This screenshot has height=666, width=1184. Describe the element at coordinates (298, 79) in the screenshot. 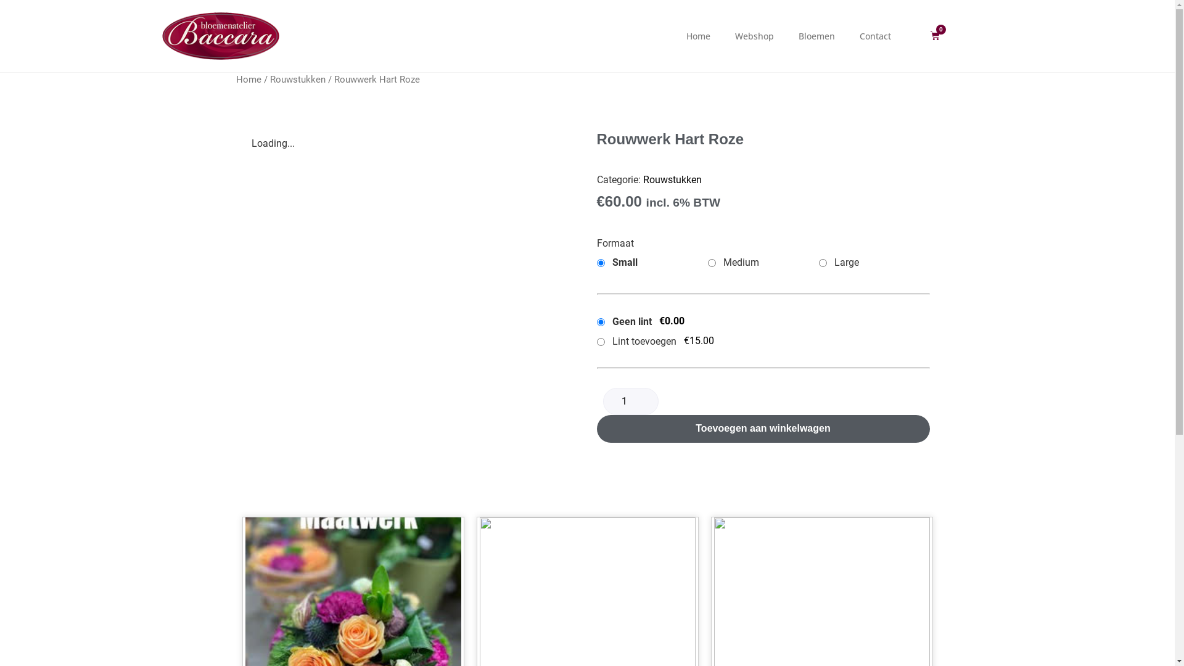

I see `'Rouwstukken'` at that location.